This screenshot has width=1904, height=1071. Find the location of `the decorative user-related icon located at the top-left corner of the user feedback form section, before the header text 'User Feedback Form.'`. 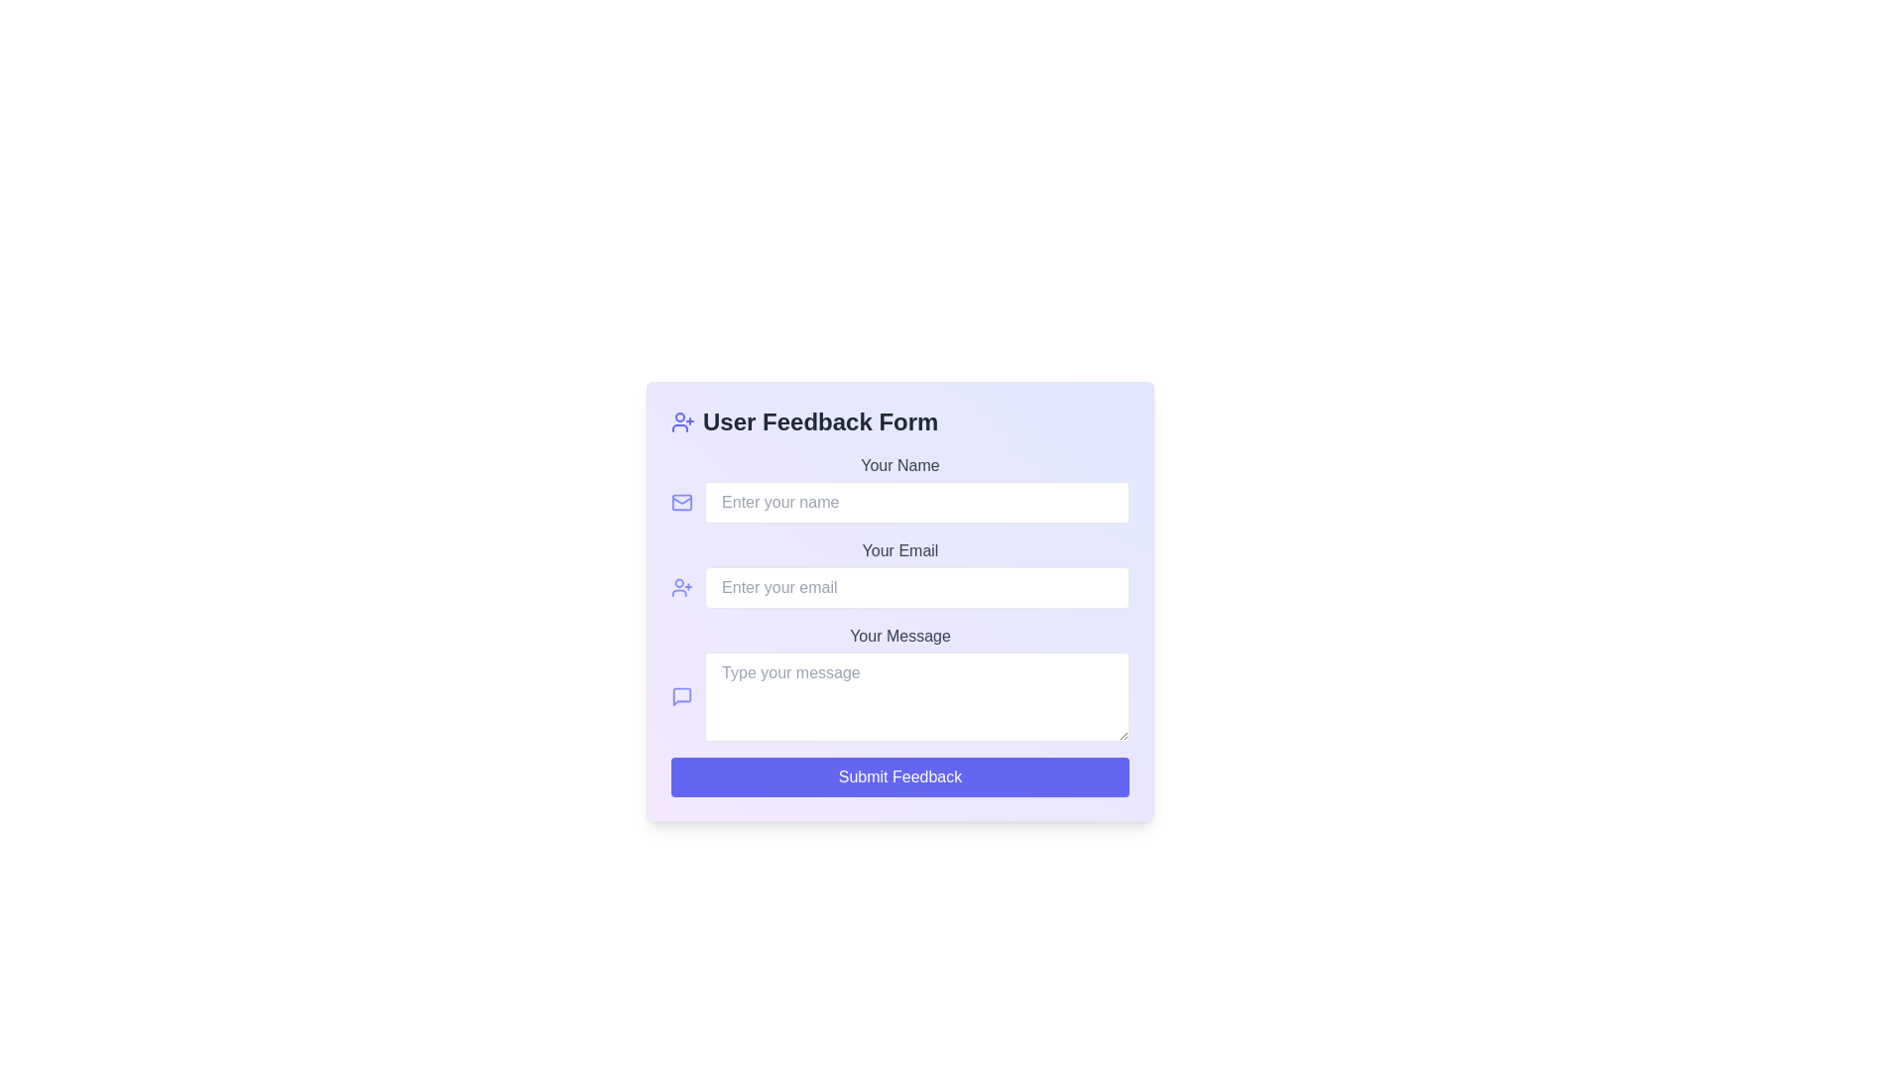

the decorative user-related icon located at the top-left corner of the user feedback form section, before the header text 'User Feedback Form.' is located at coordinates (682, 587).